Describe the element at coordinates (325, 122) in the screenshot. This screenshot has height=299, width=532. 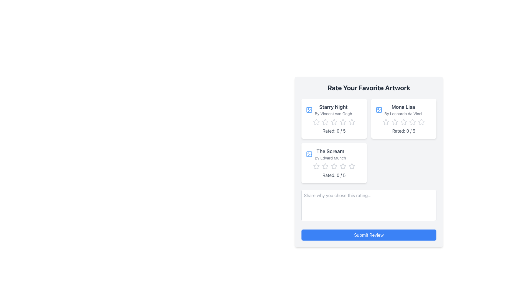
I see `the third gray, empty star icon in the rating section under the artwork 'Starry Night'` at that location.